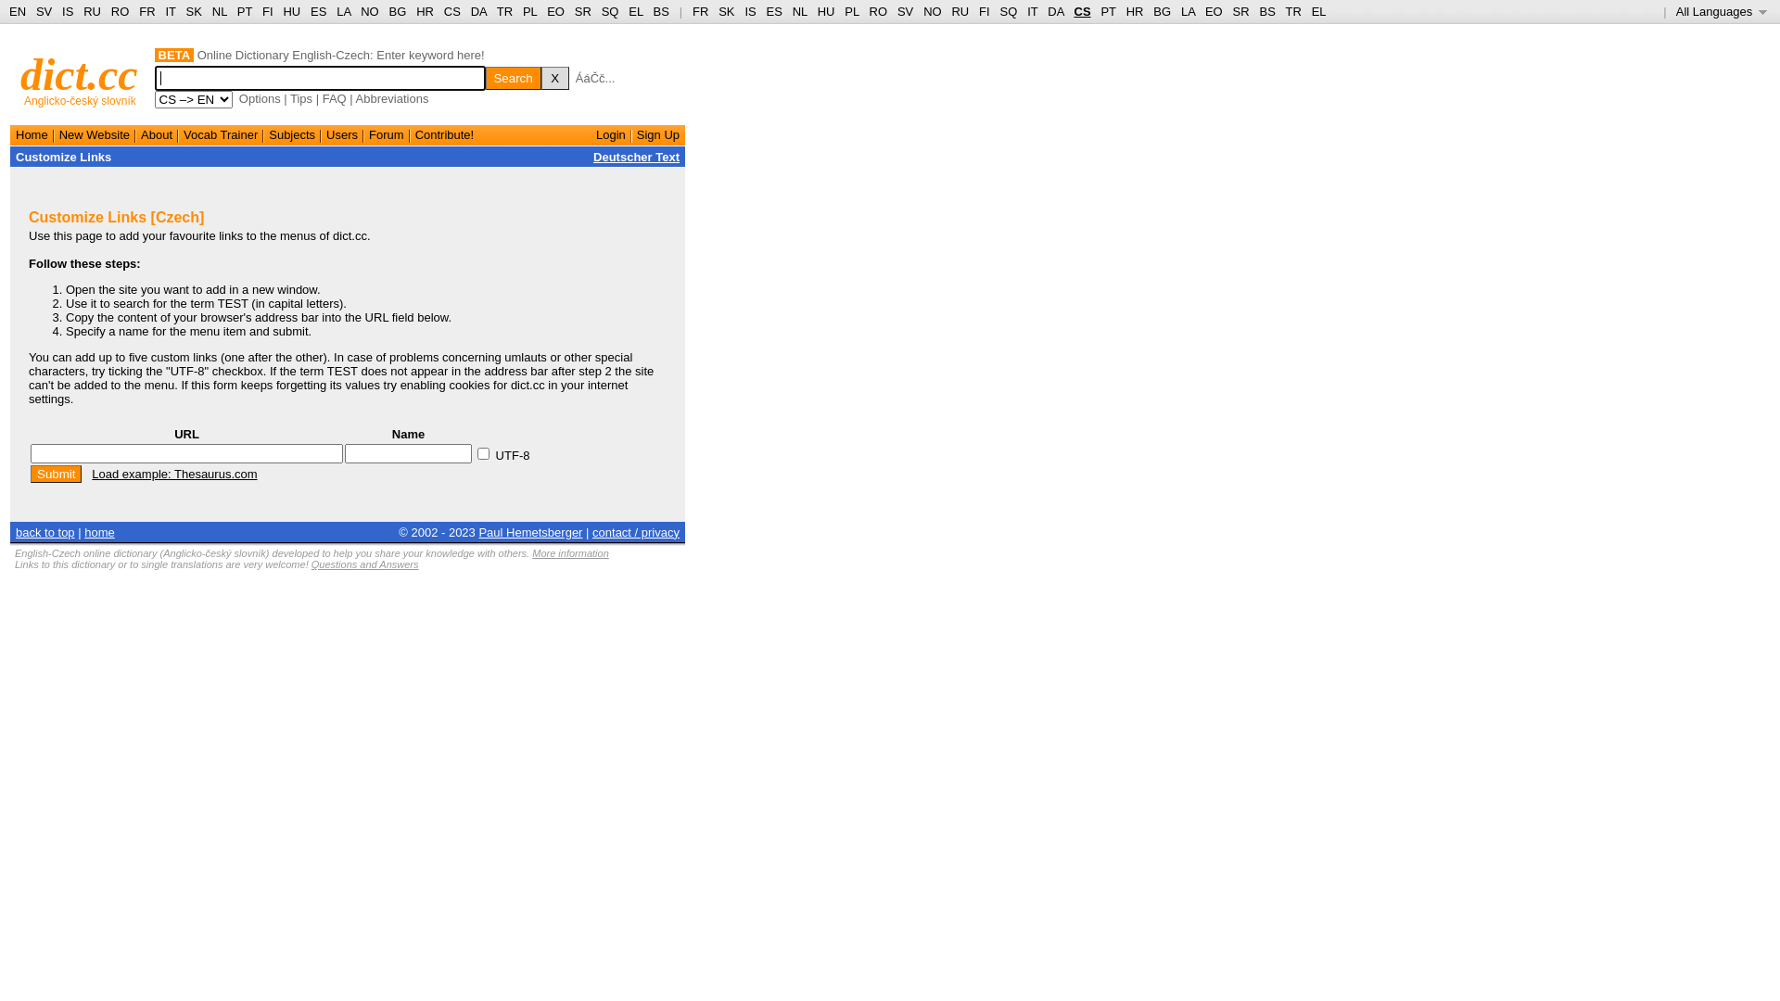  What do you see at coordinates (978, 11) in the screenshot?
I see `'FI'` at bounding box center [978, 11].